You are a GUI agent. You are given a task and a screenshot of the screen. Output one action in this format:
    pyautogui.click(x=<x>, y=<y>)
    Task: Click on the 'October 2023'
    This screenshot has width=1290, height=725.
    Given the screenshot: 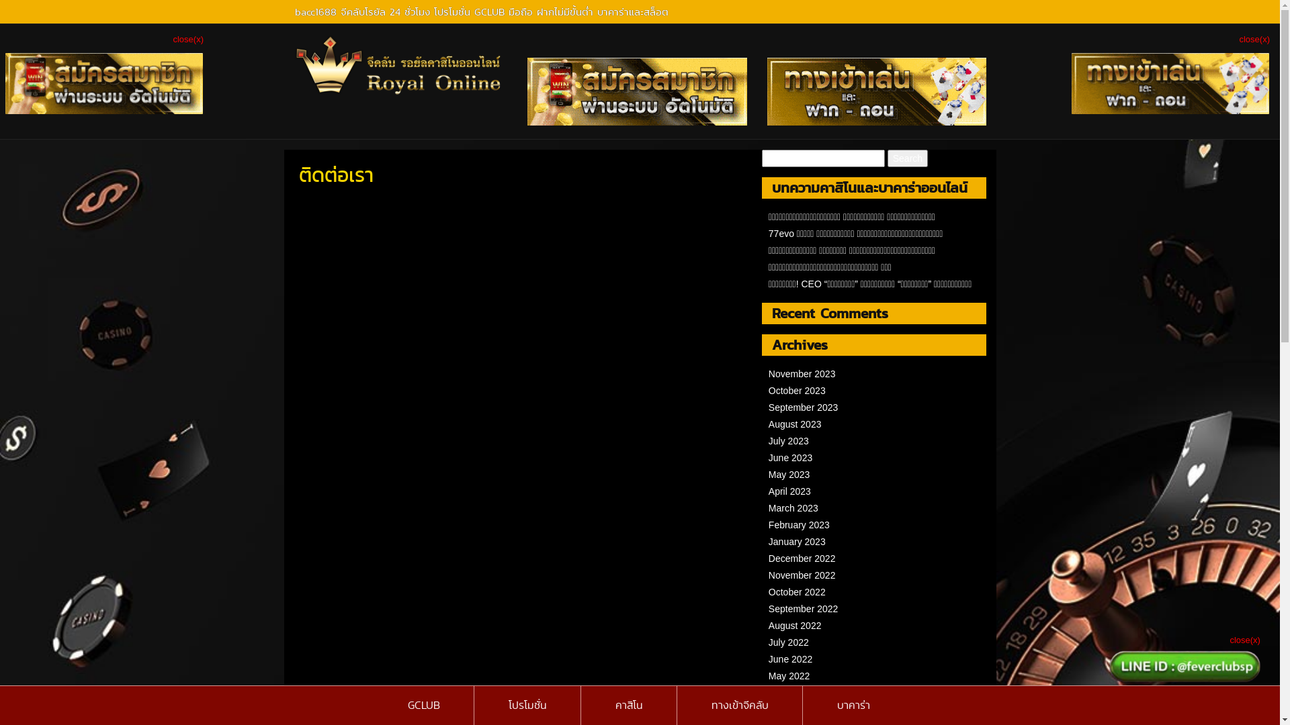 What is the action you would take?
    pyautogui.click(x=797, y=391)
    